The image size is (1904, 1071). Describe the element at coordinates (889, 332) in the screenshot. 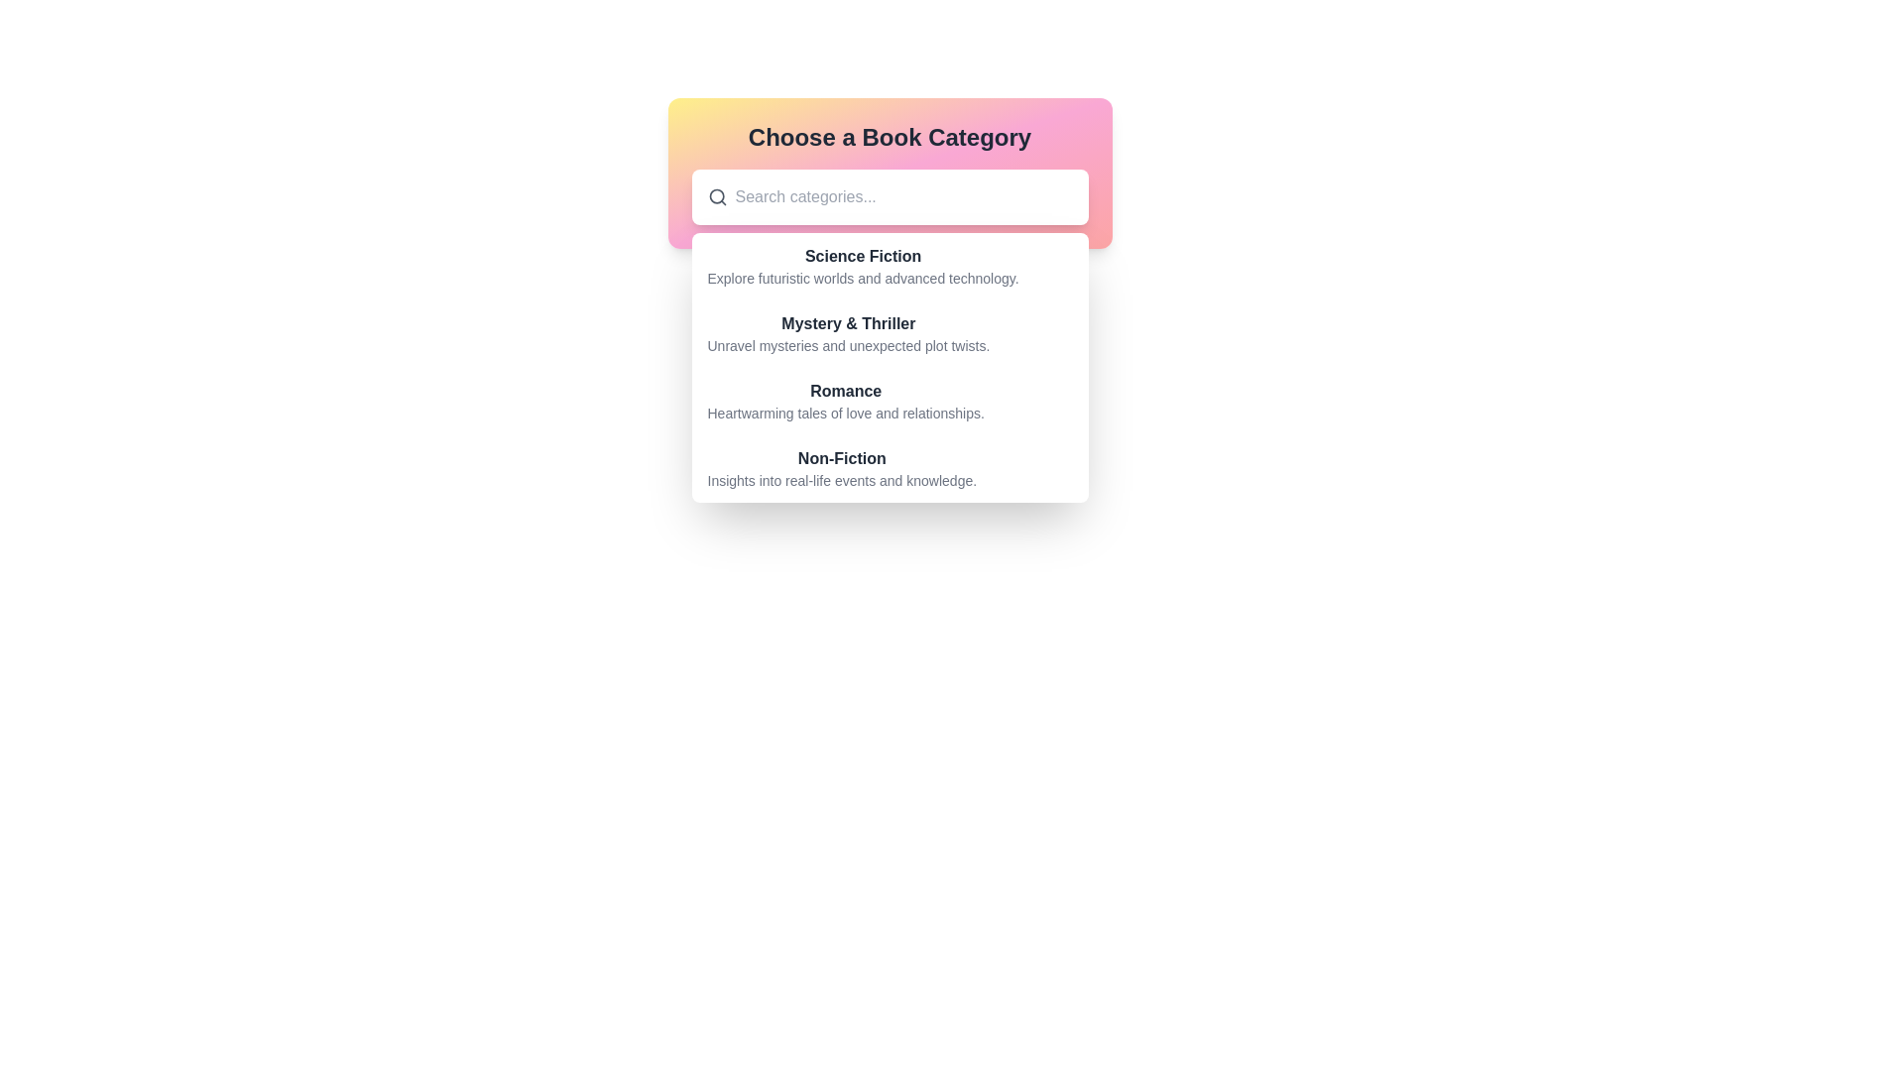

I see `the 'Mystery & Thriller' category option, which is the second item in the vertical list of the dropdown menu` at that location.